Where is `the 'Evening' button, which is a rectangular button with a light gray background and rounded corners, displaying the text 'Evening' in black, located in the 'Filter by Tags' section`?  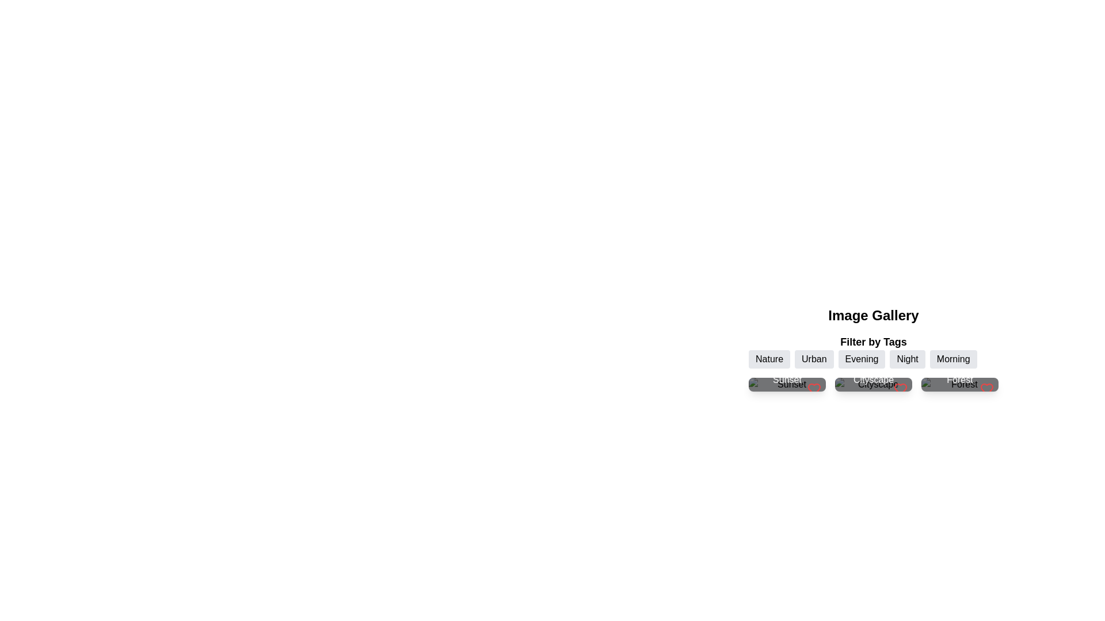
the 'Evening' button, which is a rectangular button with a light gray background and rounded corners, displaying the text 'Evening' in black, located in the 'Filter by Tags' section is located at coordinates (862, 358).